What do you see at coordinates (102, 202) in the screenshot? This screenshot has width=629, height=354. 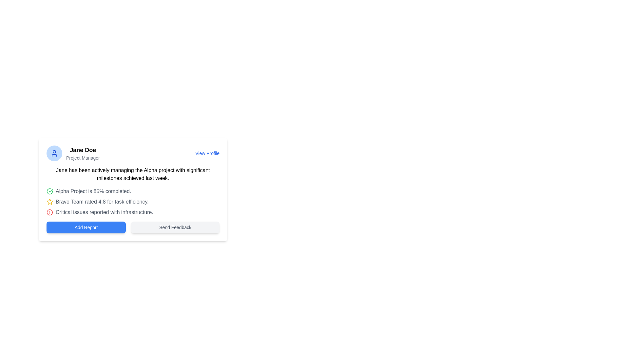 I see `the text label that displays 'Bravo Team rated 4.8 for task efficiency.', which is styled in gray and positioned between 'Alpha Project is 85% completed.' and 'Critical issues reported with infrastructure.'` at bounding box center [102, 202].